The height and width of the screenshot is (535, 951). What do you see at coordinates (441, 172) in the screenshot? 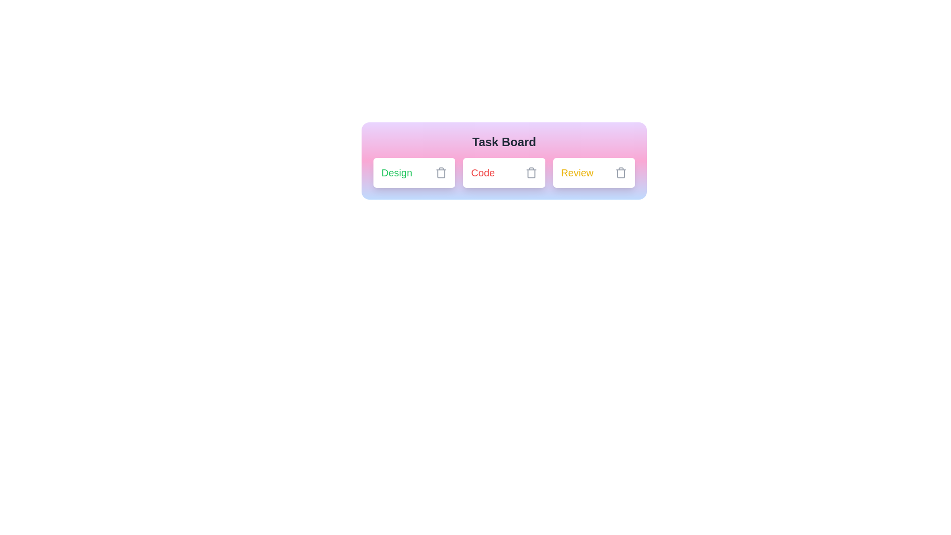
I see `delete button next to the chip labeled Design to remove it` at bounding box center [441, 172].